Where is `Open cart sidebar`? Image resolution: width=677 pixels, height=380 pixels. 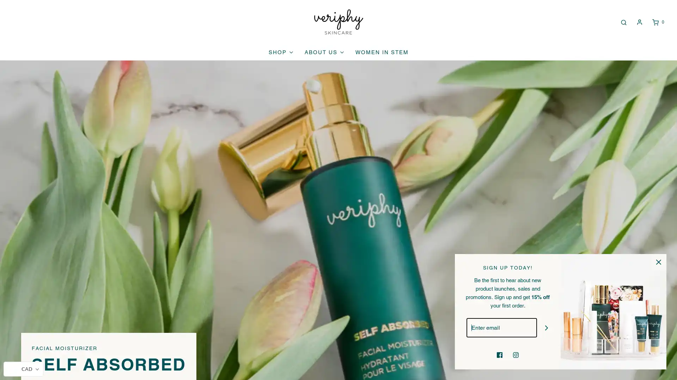
Open cart sidebar is located at coordinates (657, 21).